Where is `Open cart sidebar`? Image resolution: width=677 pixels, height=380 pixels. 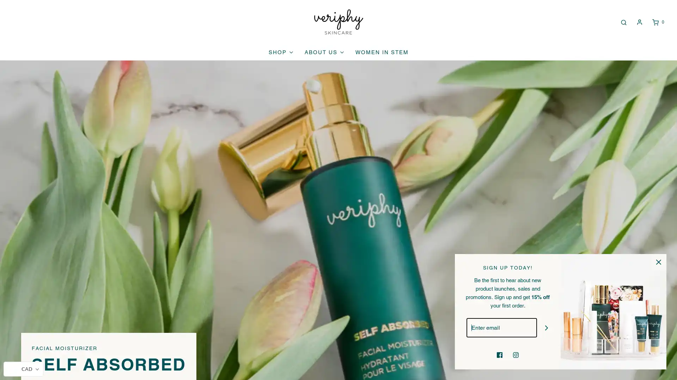
Open cart sidebar is located at coordinates (657, 21).